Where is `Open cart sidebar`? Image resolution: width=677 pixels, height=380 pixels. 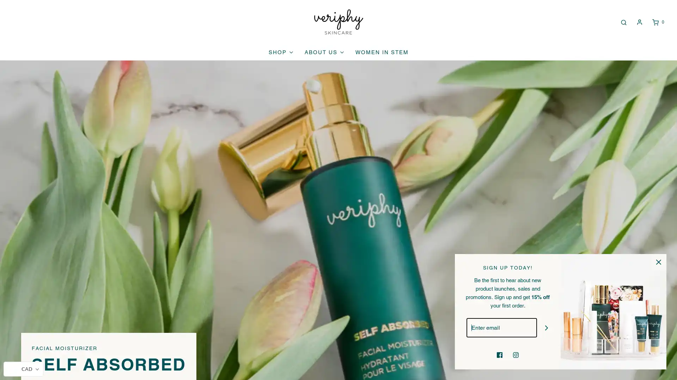
Open cart sidebar is located at coordinates (657, 21).